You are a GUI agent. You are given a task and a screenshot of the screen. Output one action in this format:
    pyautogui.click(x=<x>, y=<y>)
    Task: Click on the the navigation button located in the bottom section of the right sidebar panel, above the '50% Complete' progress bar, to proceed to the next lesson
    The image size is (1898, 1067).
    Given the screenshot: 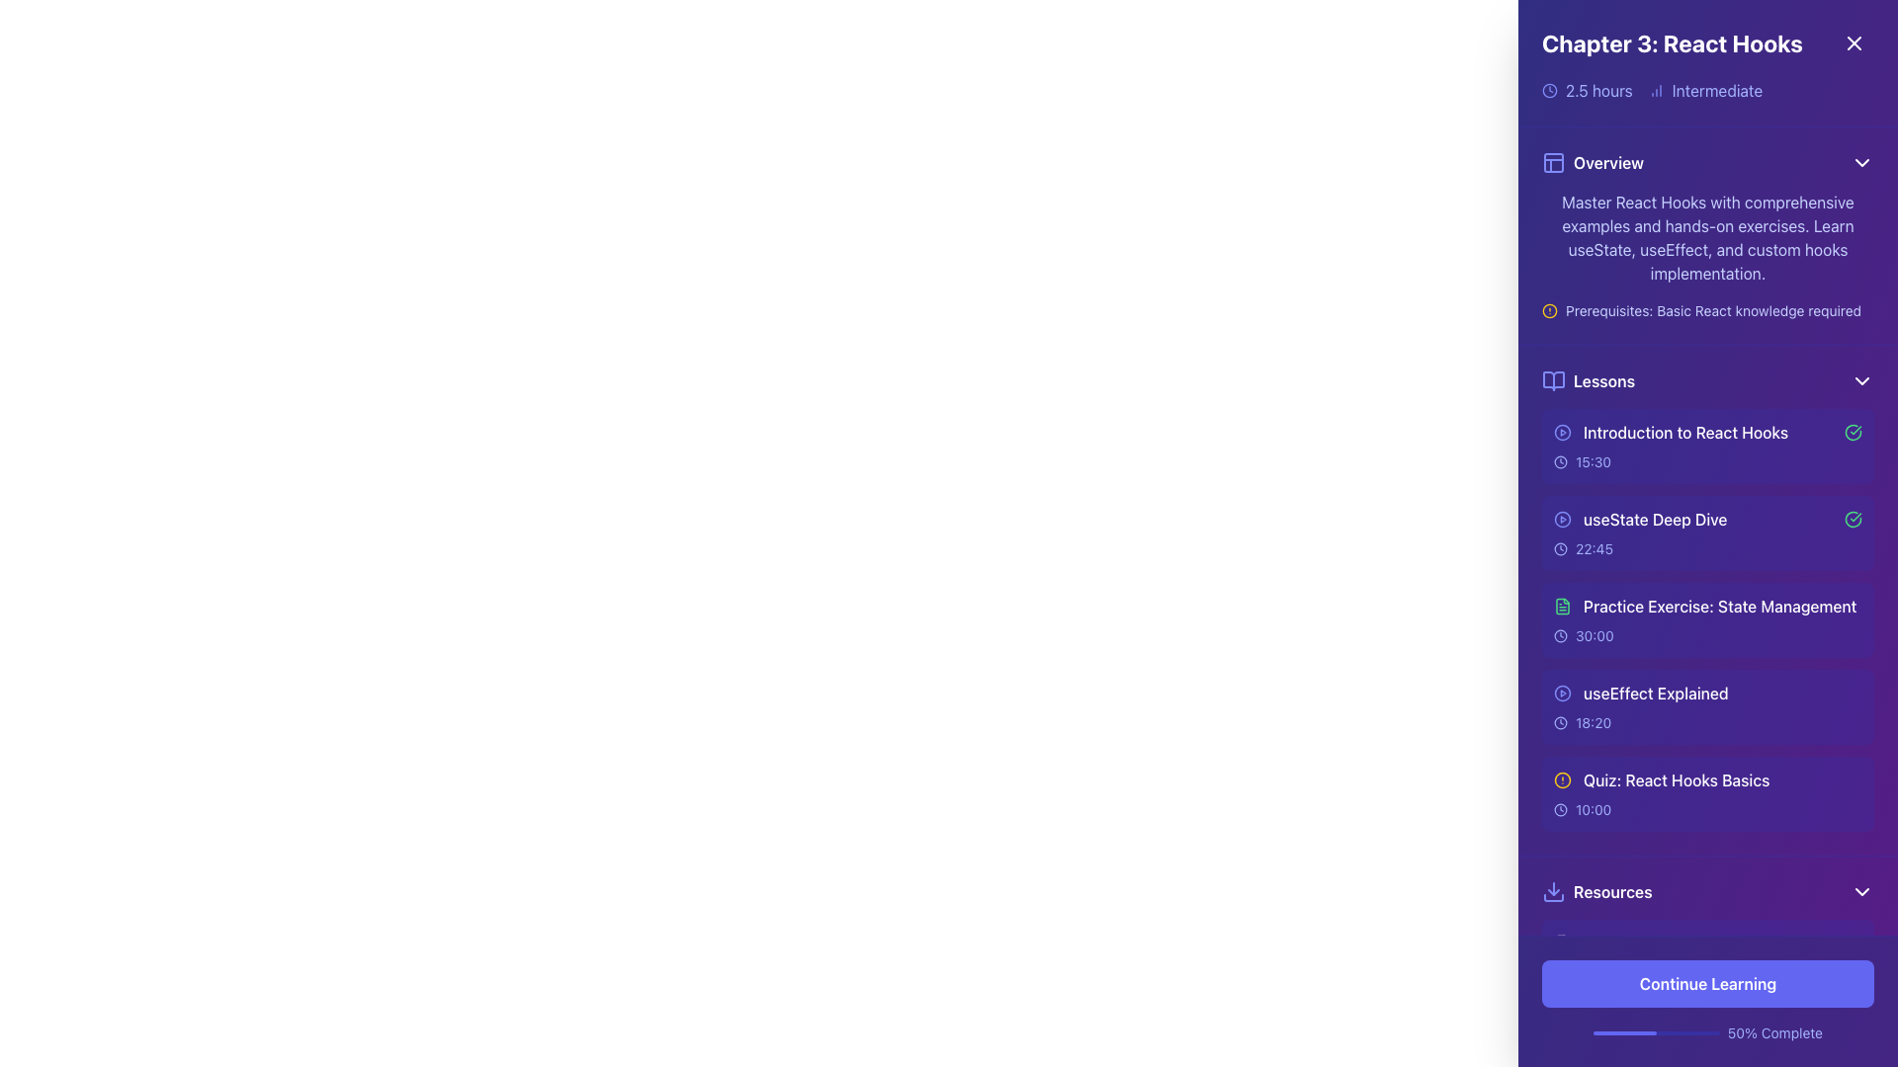 What is the action you would take?
    pyautogui.click(x=1707, y=983)
    